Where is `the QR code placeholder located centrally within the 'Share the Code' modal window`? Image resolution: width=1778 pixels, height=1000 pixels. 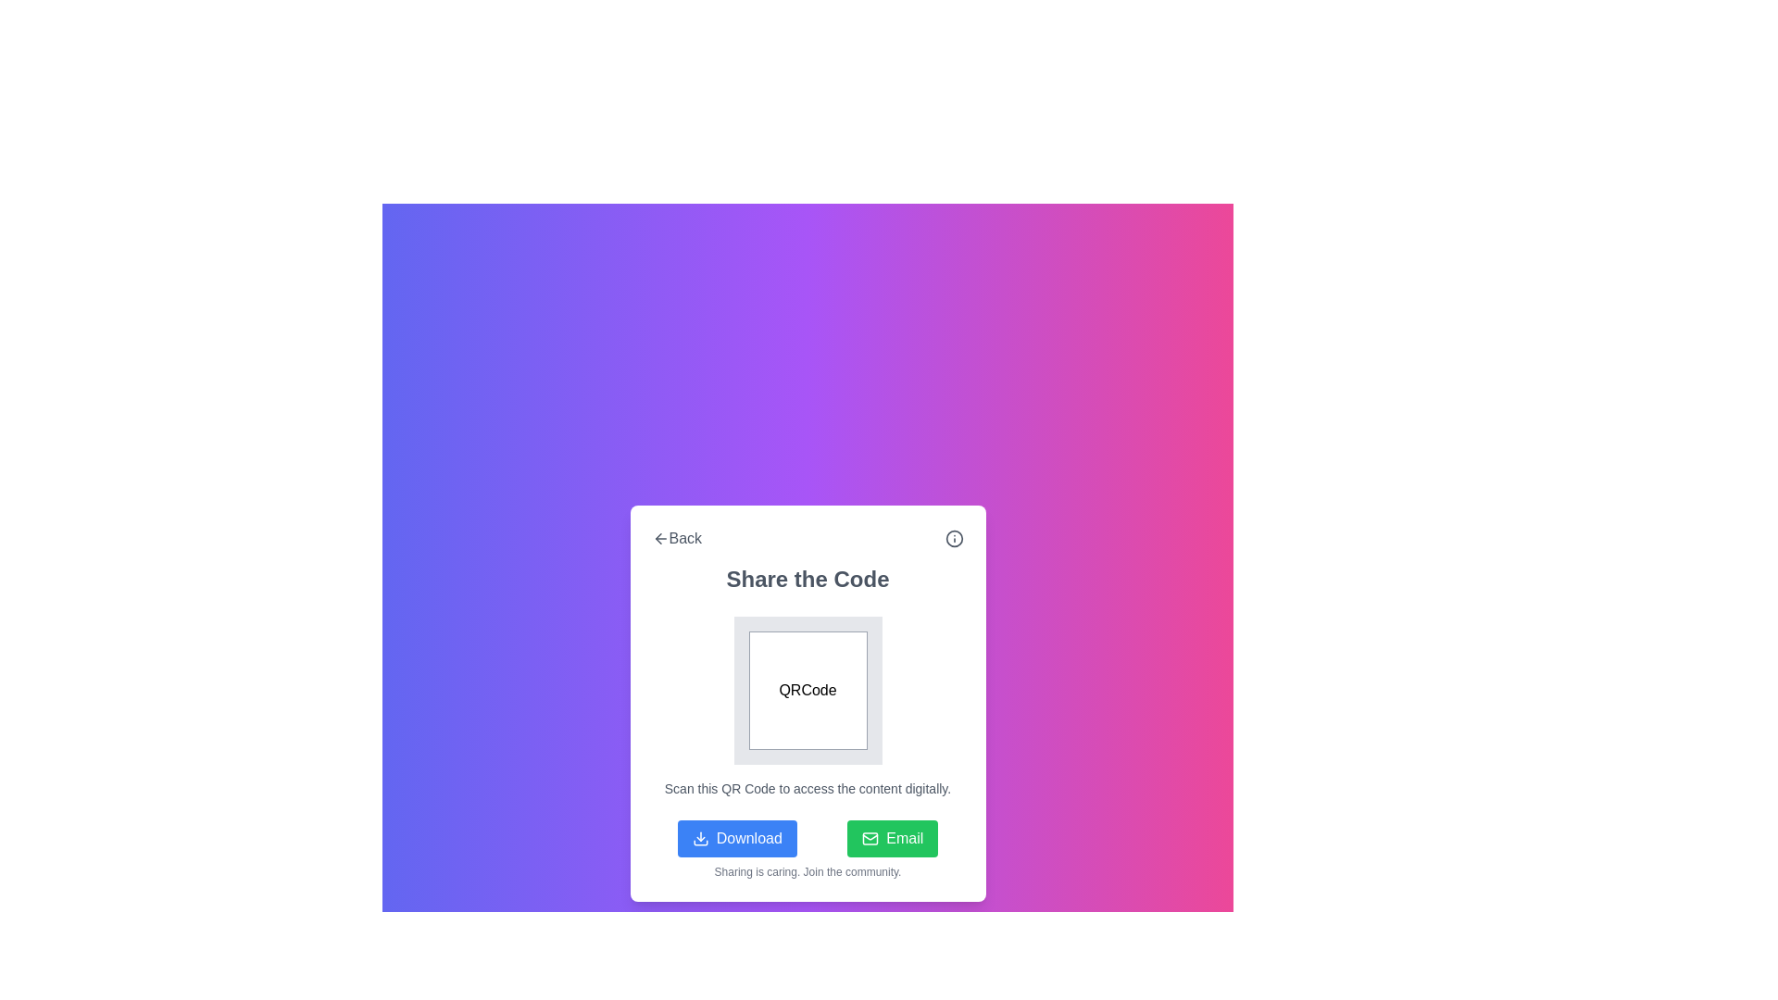 the QR code placeholder located centrally within the 'Share the Code' modal window is located at coordinates (808, 690).